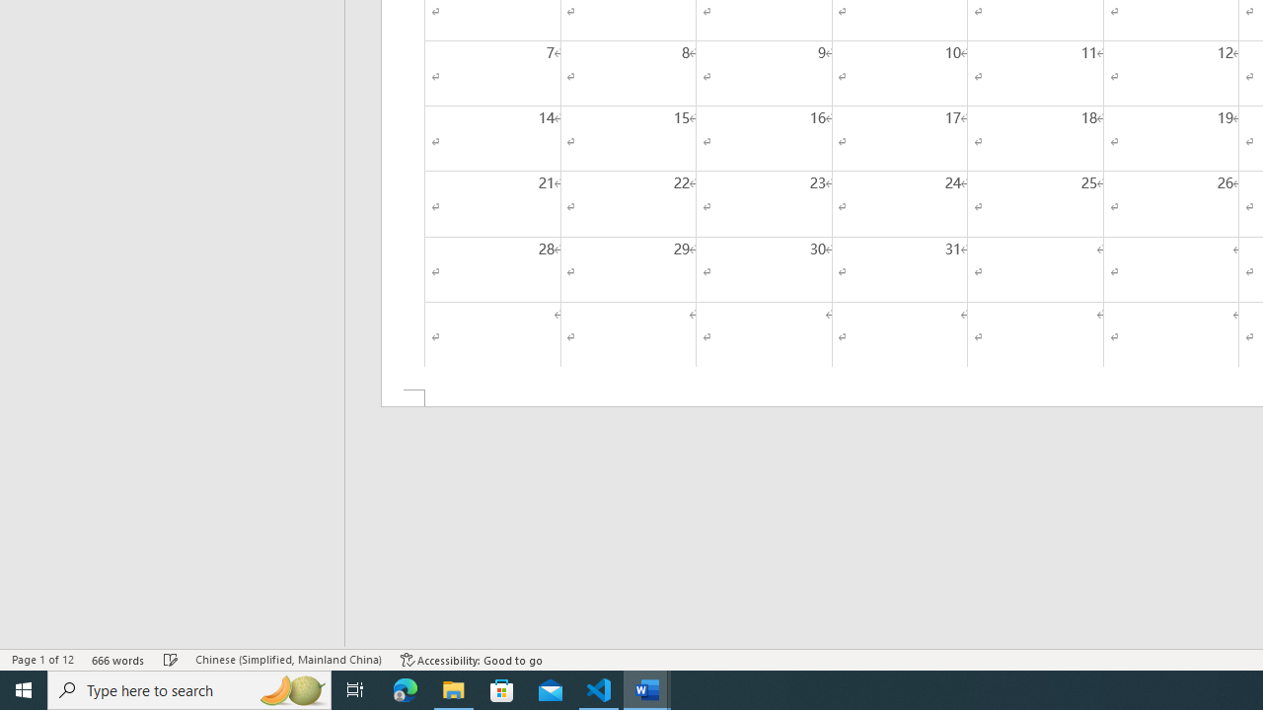 The width and height of the screenshot is (1263, 710). Describe the element at coordinates (471, 660) in the screenshot. I see `'Accessibility Checker Accessibility: Good to go'` at that location.